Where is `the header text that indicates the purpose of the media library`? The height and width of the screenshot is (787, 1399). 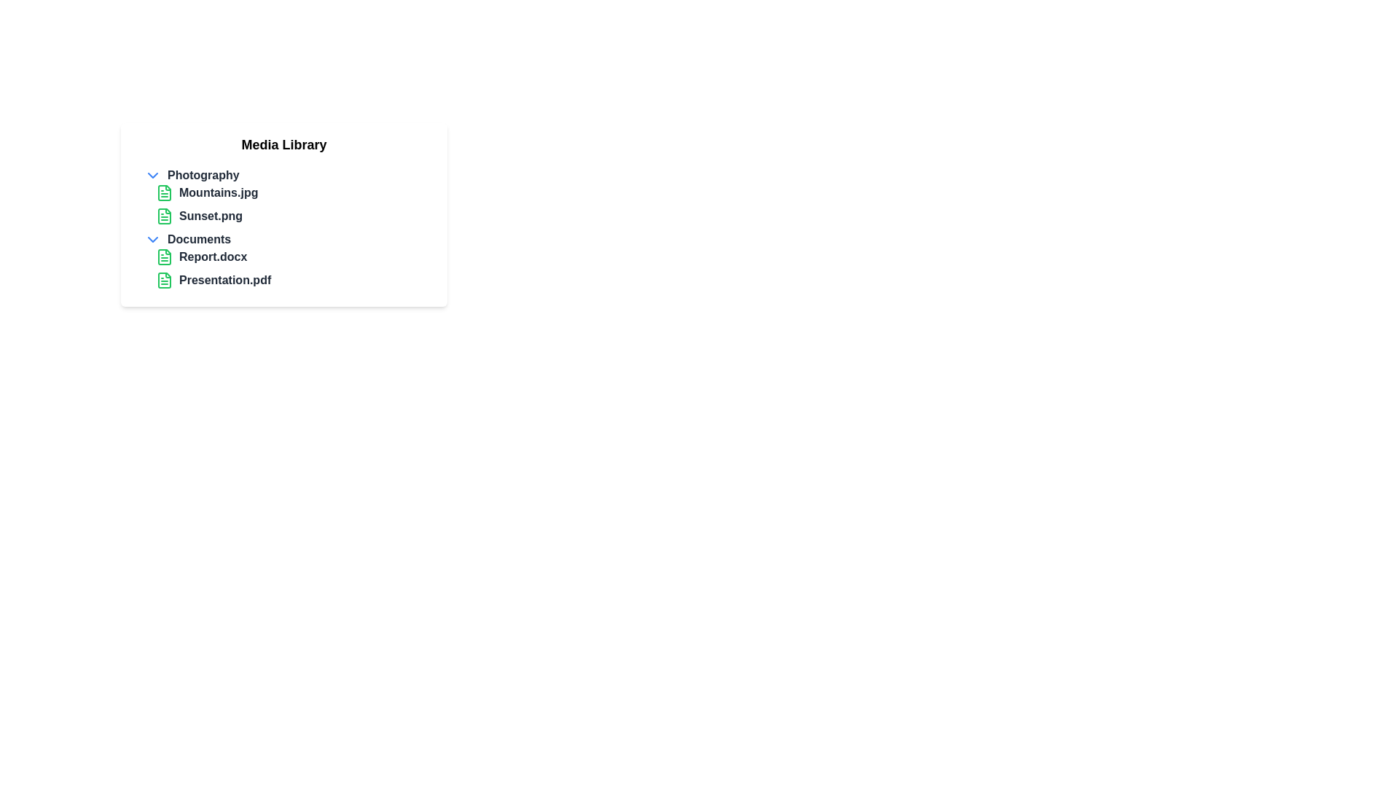 the header text that indicates the purpose of the media library is located at coordinates (283, 145).